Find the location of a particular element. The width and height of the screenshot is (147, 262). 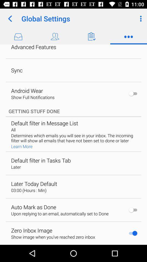

the show full notifications item is located at coordinates (33, 97).